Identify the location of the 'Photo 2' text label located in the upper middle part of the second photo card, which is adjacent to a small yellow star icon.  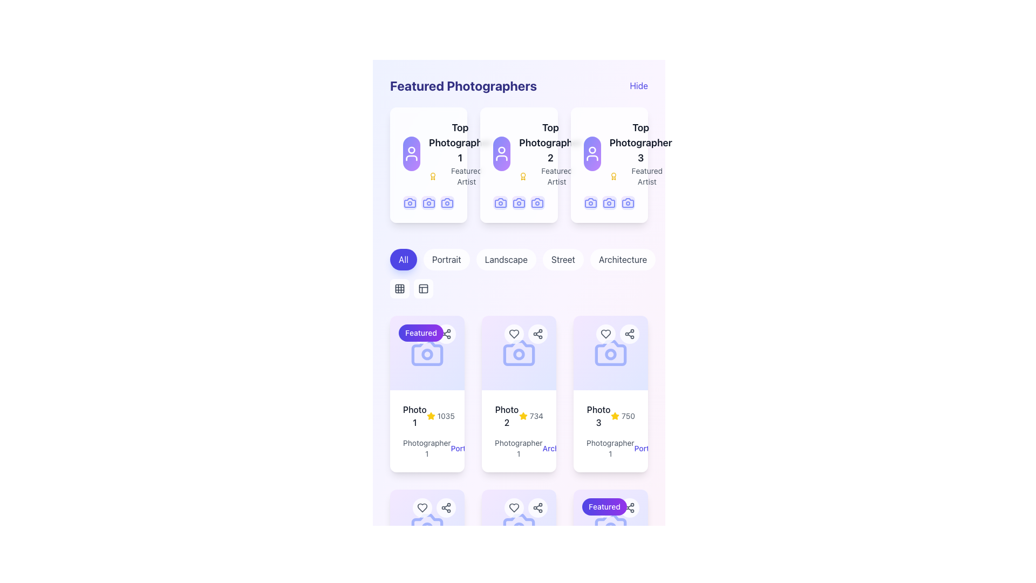
(506, 416).